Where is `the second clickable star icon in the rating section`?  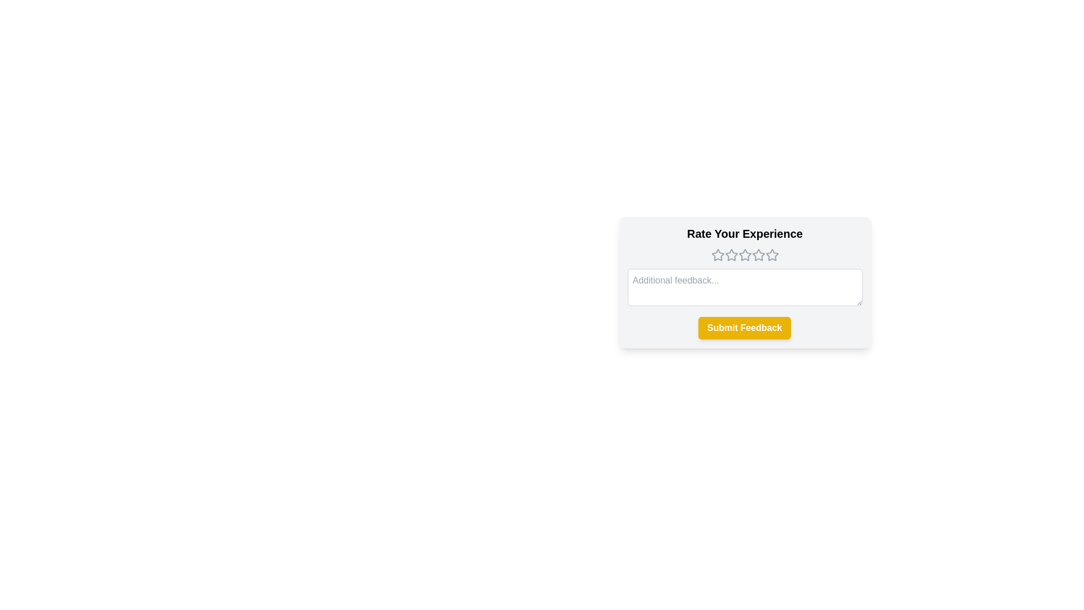 the second clickable star icon in the rating section is located at coordinates (745, 255).